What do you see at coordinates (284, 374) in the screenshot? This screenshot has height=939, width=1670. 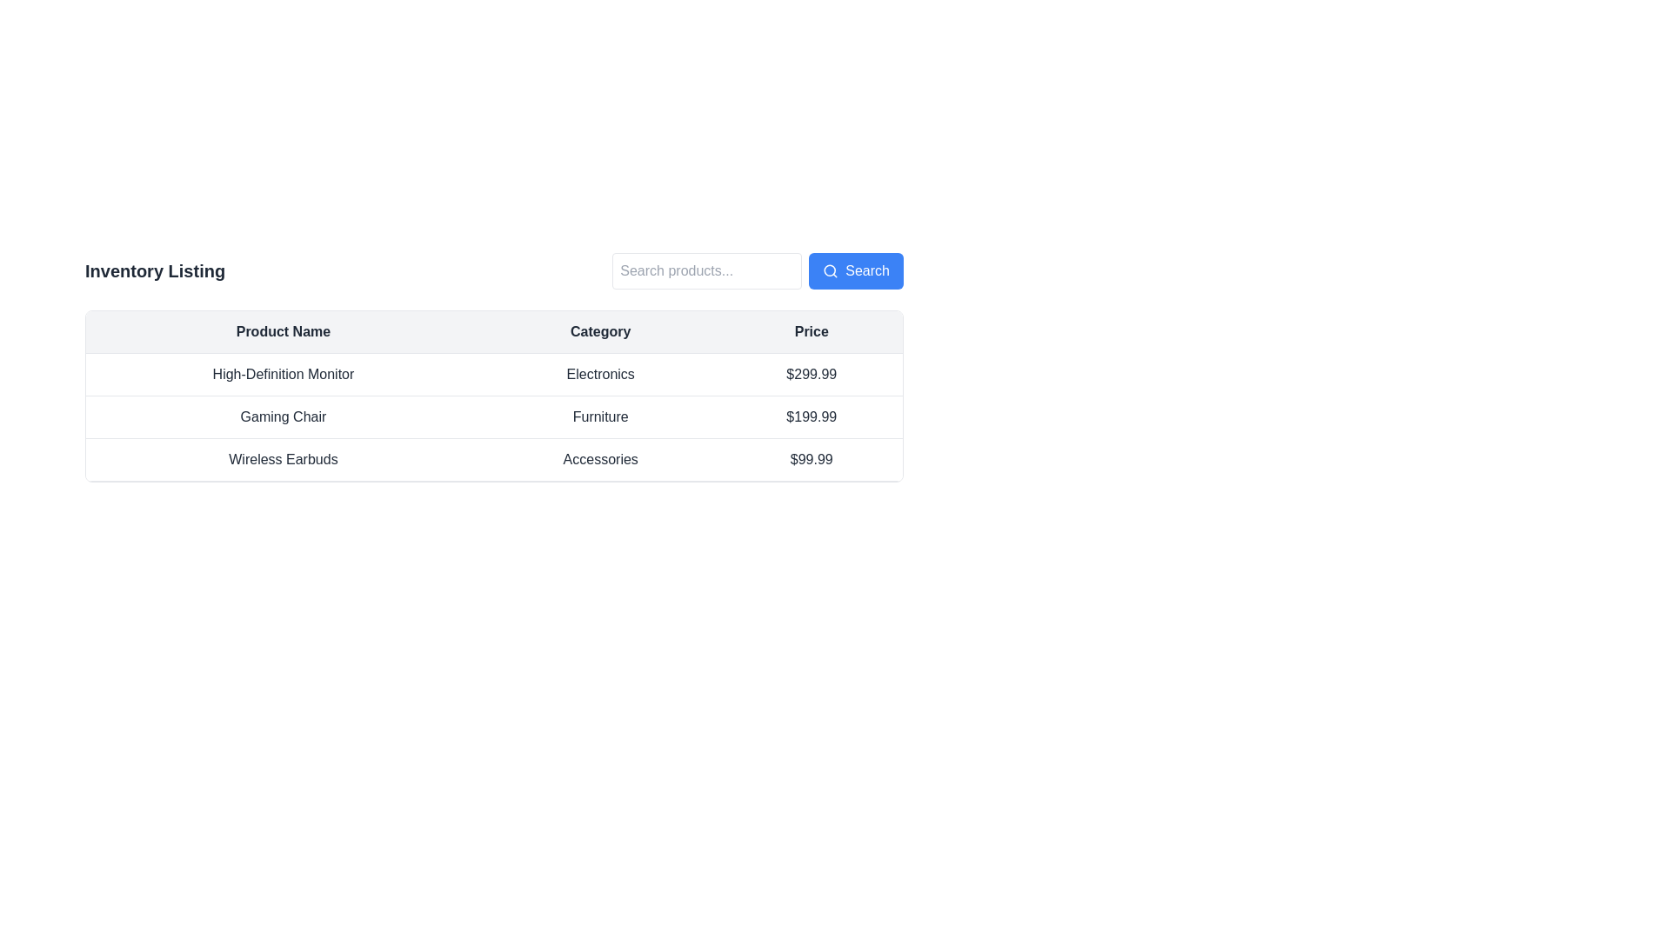 I see `the text label displaying 'High-Definition Monitor' under the 'Product Name' column to read its content` at bounding box center [284, 374].